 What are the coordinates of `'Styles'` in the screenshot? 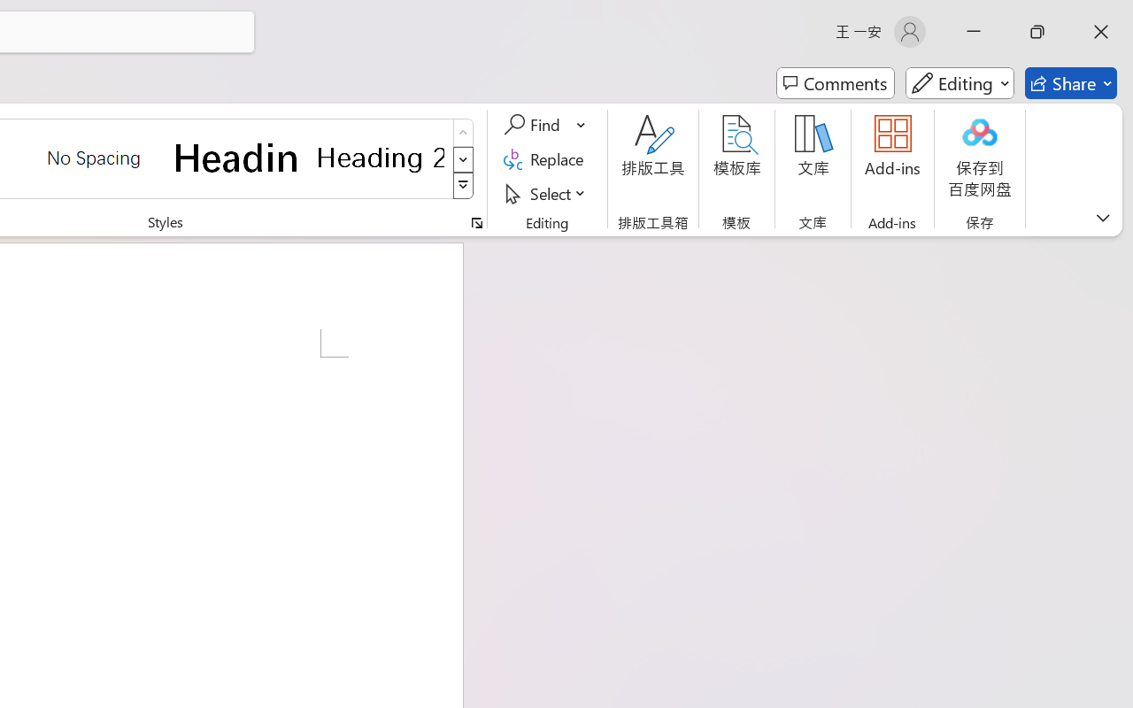 It's located at (463, 186).